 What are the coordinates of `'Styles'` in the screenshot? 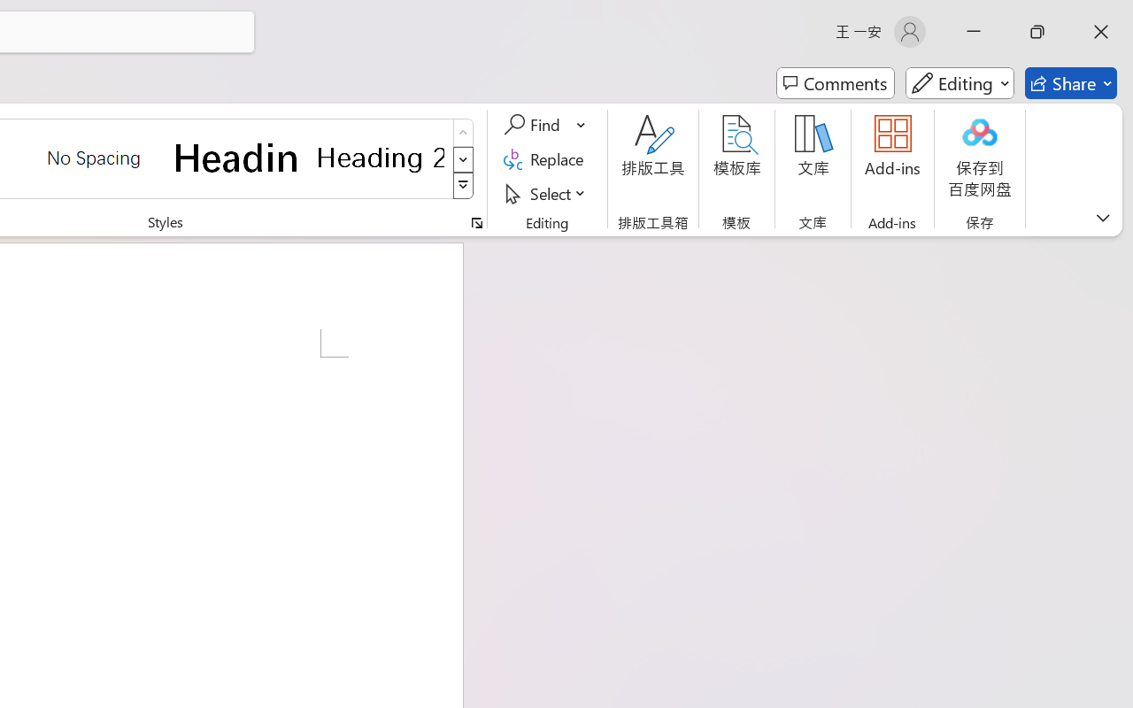 It's located at (463, 186).